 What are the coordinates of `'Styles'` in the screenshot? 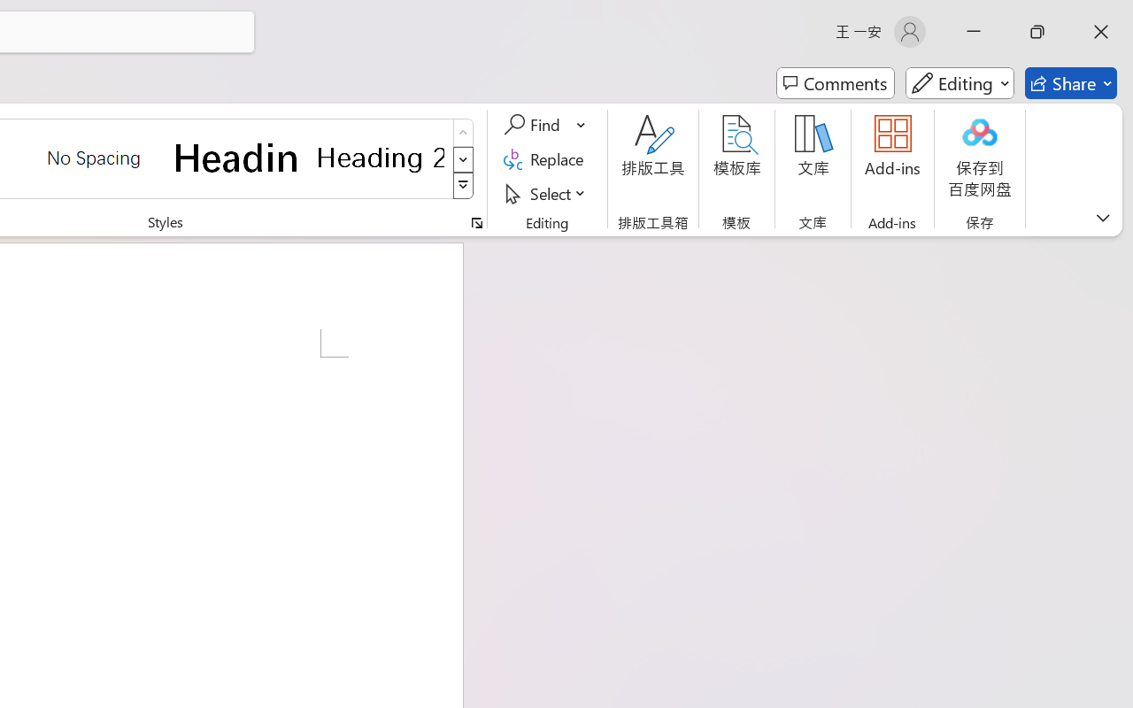 It's located at (463, 186).